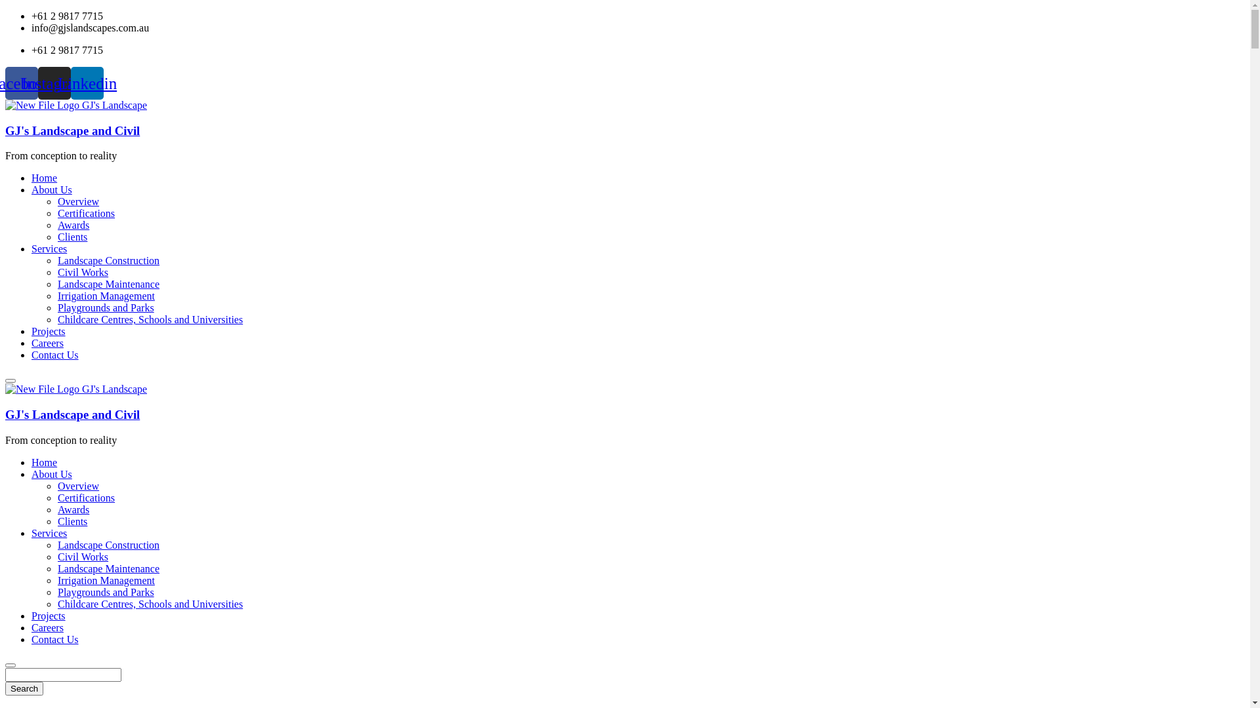 Image resolution: width=1260 pixels, height=708 pixels. Describe the element at coordinates (85, 212) in the screenshot. I see `'Certifications'` at that location.